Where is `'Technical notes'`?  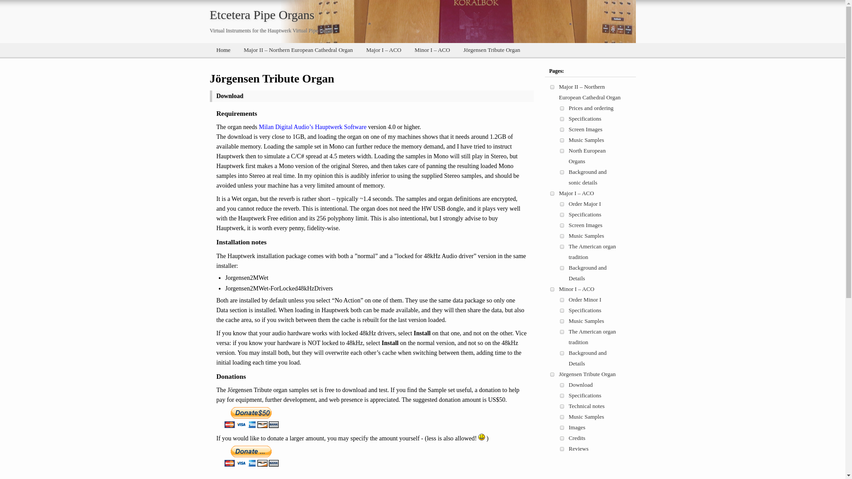 'Technical notes' is located at coordinates (587, 406).